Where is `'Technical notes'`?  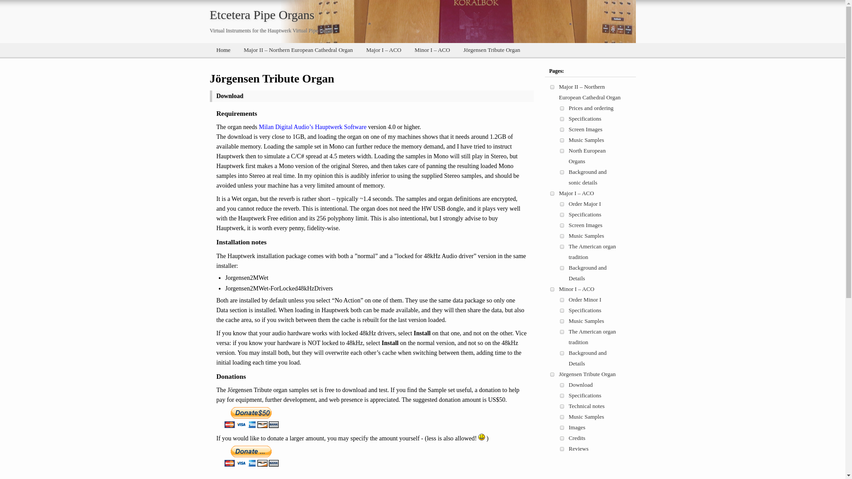 'Technical notes' is located at coordinates (587, 406).